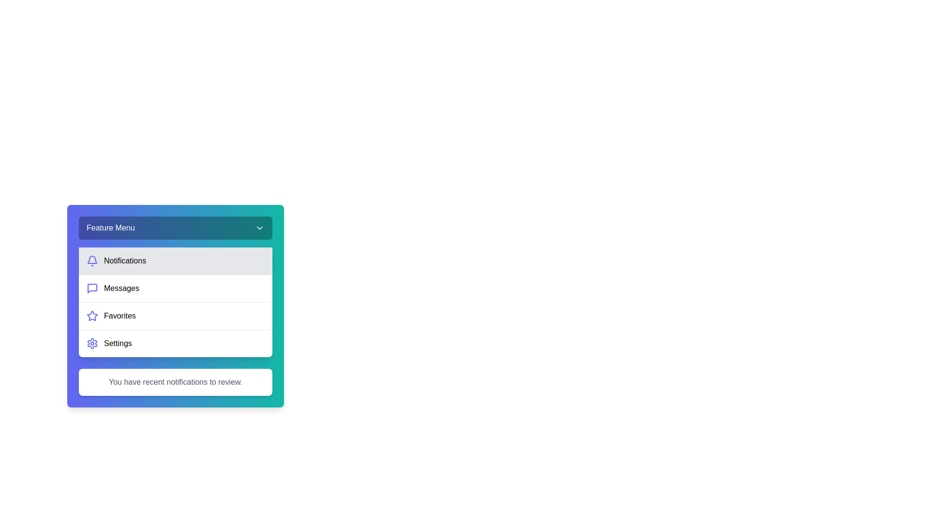 This screenshot has height=522, width=929. What do you see at coordinates (176, 228) in the screenshot?
I see `the Dropdown menu button located at the top of the rounded rectangular box` at bounding box center [176, 228].